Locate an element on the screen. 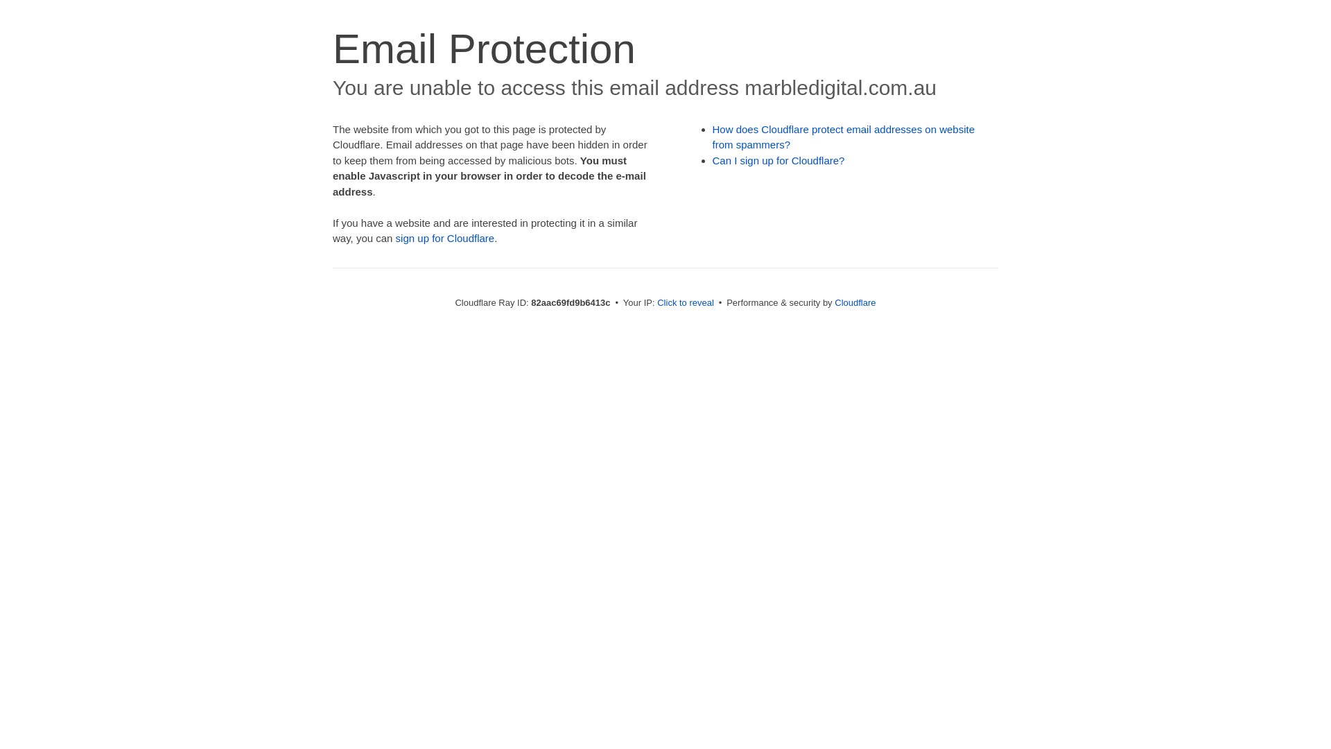 Image resolution: width=1331 pixels, height=749 pixels. 'Cloudflare' is located at coordinates (854, 302).